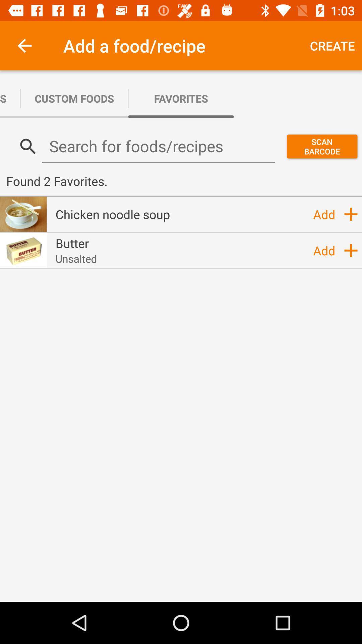 The image size is (362, 644). What do you see at coordinates (72, 243) in the screenshot?
I see `icon above unsalted` at bounding box center [72, 243].